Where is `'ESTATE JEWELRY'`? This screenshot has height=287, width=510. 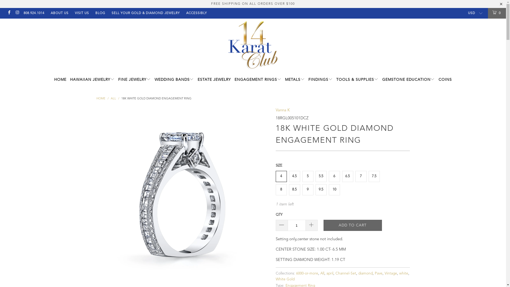
'ESTATE JEWELRY' is located at coordinates (214, 80).